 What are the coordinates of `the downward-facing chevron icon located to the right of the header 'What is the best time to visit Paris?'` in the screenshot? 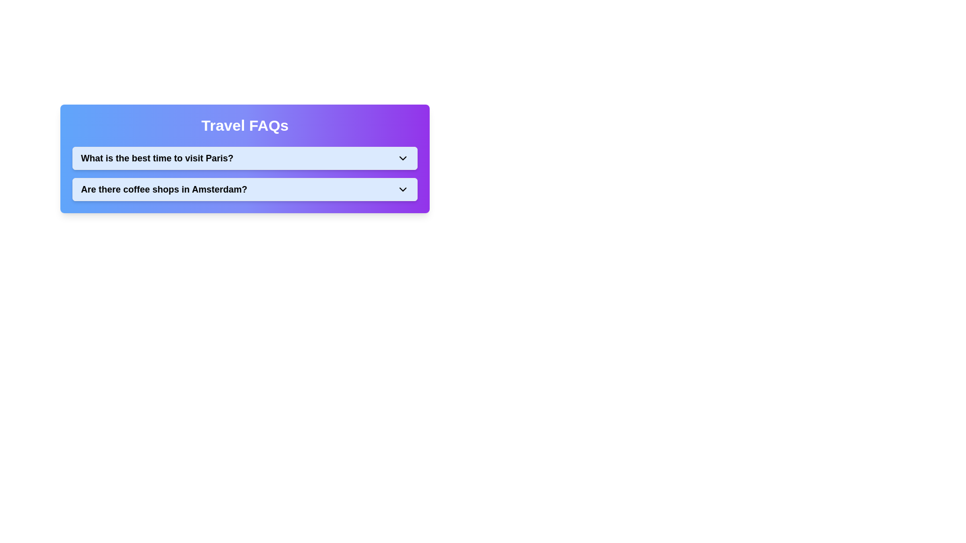 It's located at (403, 158).